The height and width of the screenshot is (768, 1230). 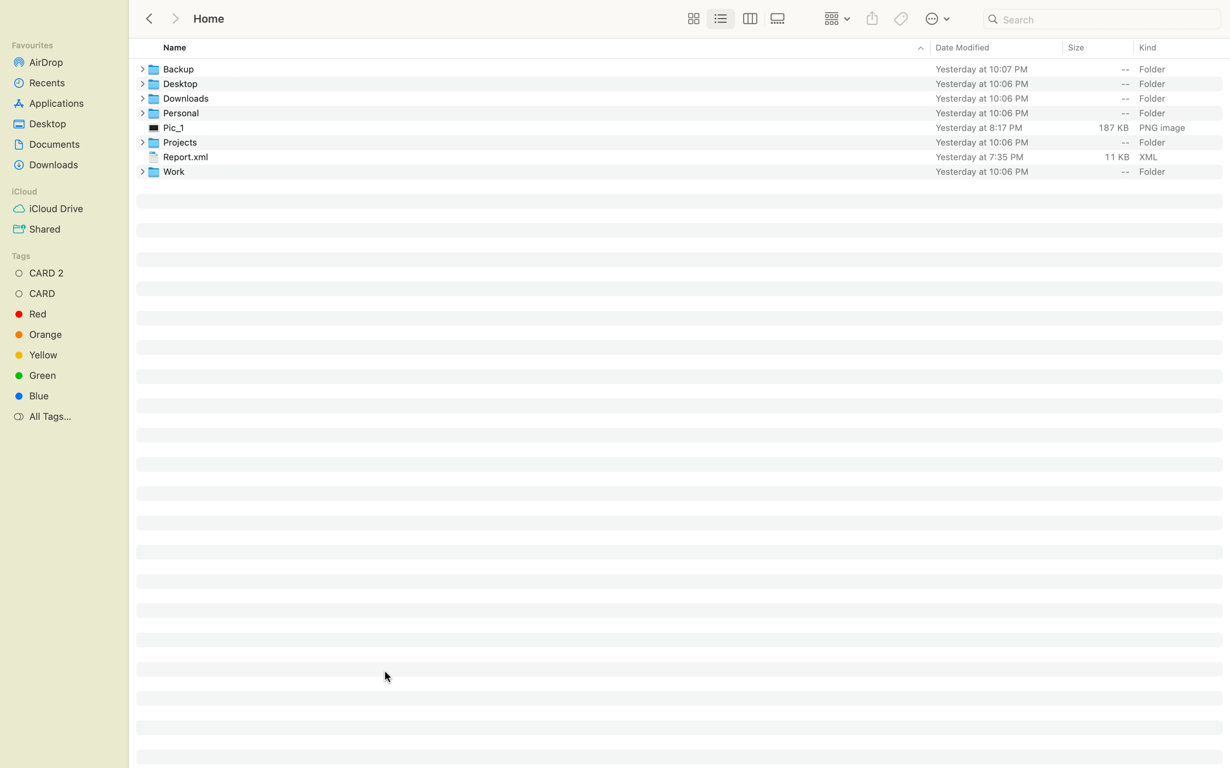 I want to click on Change the name of the folder "Projects" to "My Projects", so click(x=689, y=142).